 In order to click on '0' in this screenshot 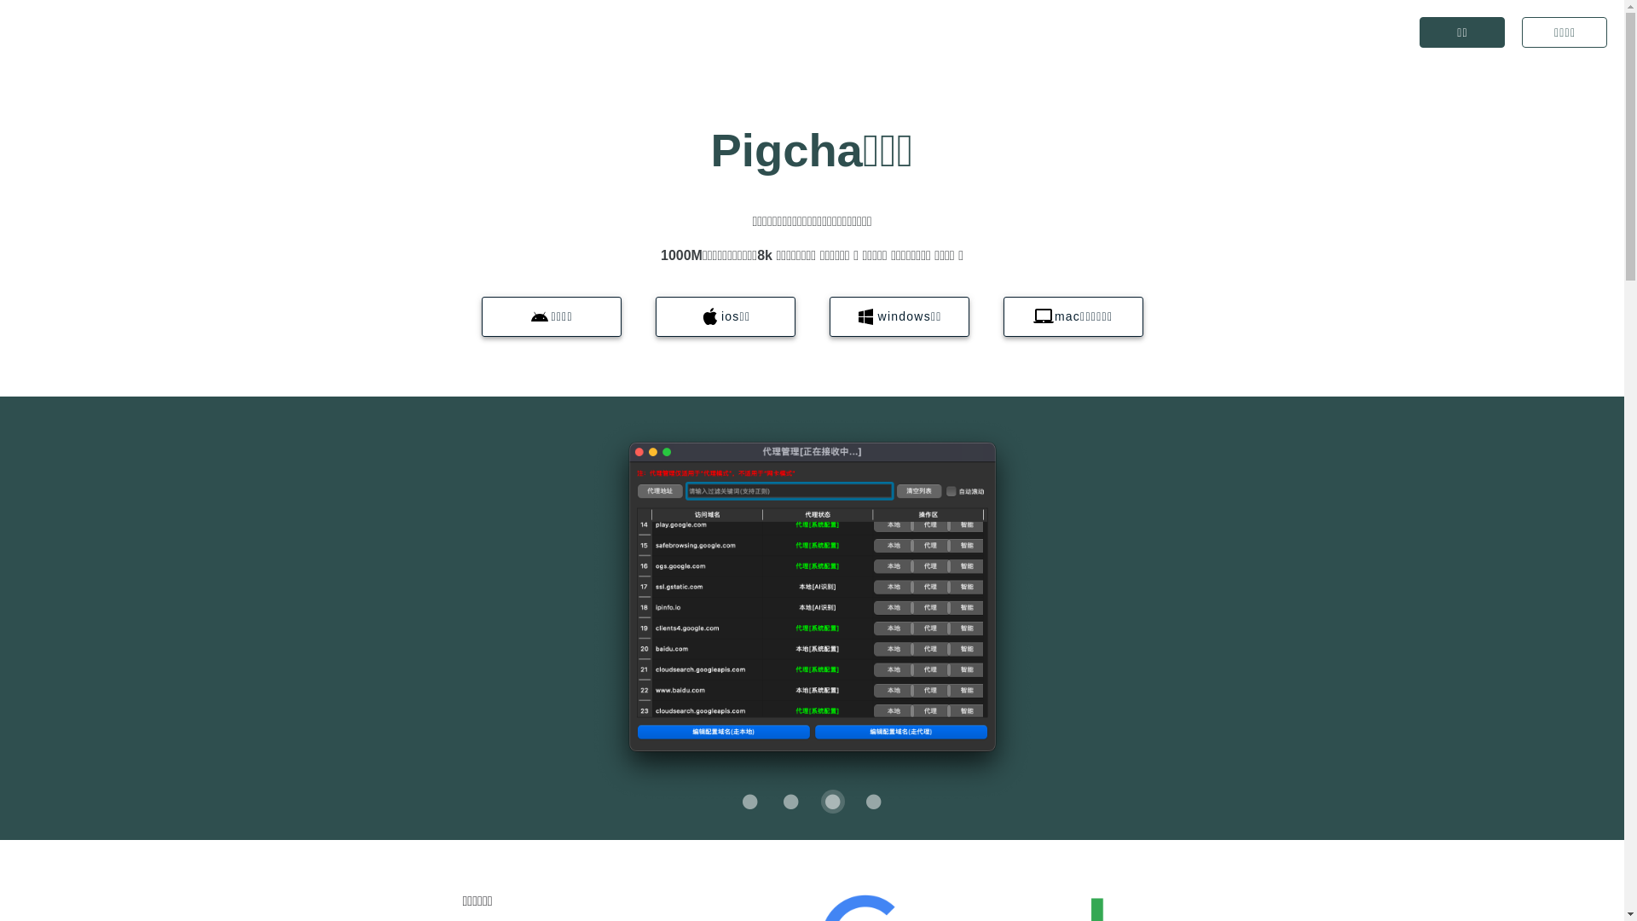, I will do `click(749, 802)`.